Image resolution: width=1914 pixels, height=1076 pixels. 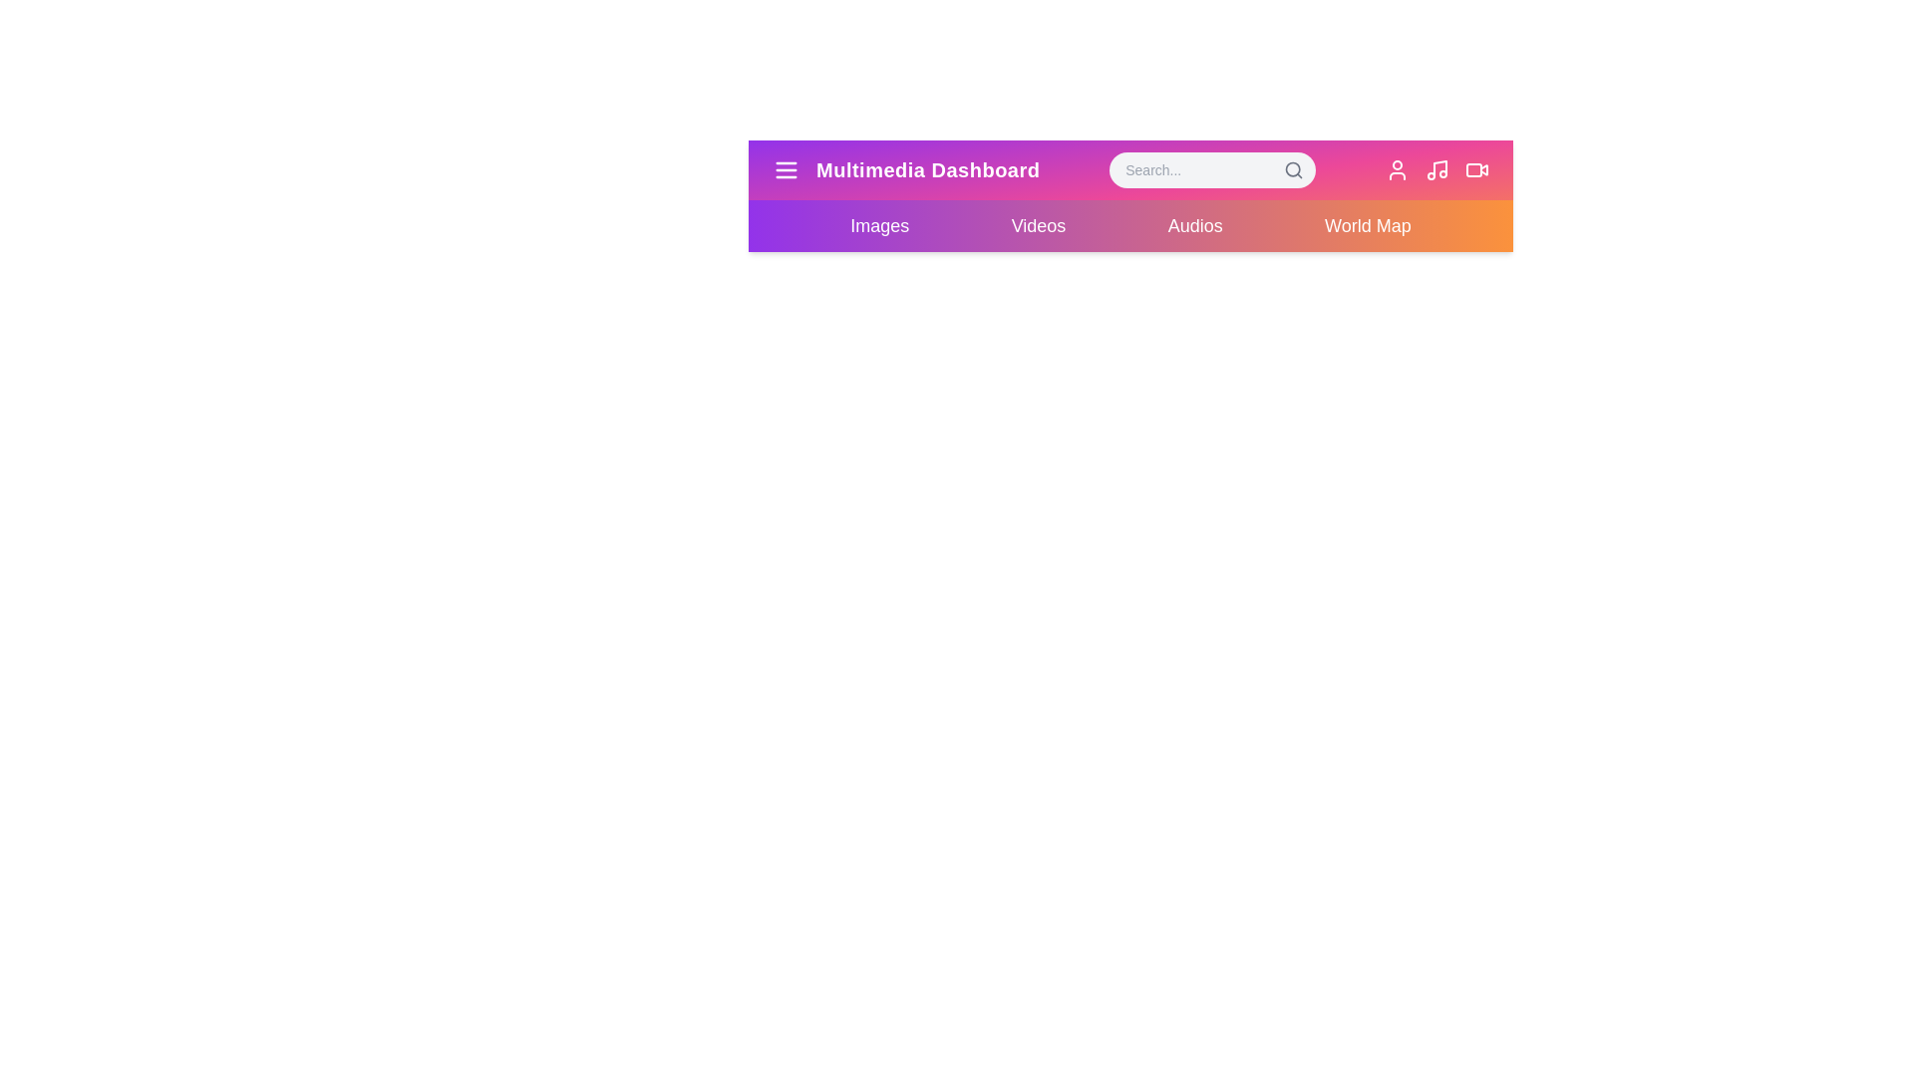 I want to click on the navigation item Audios to navigate to the respective section, so click(x=1195, y=225).